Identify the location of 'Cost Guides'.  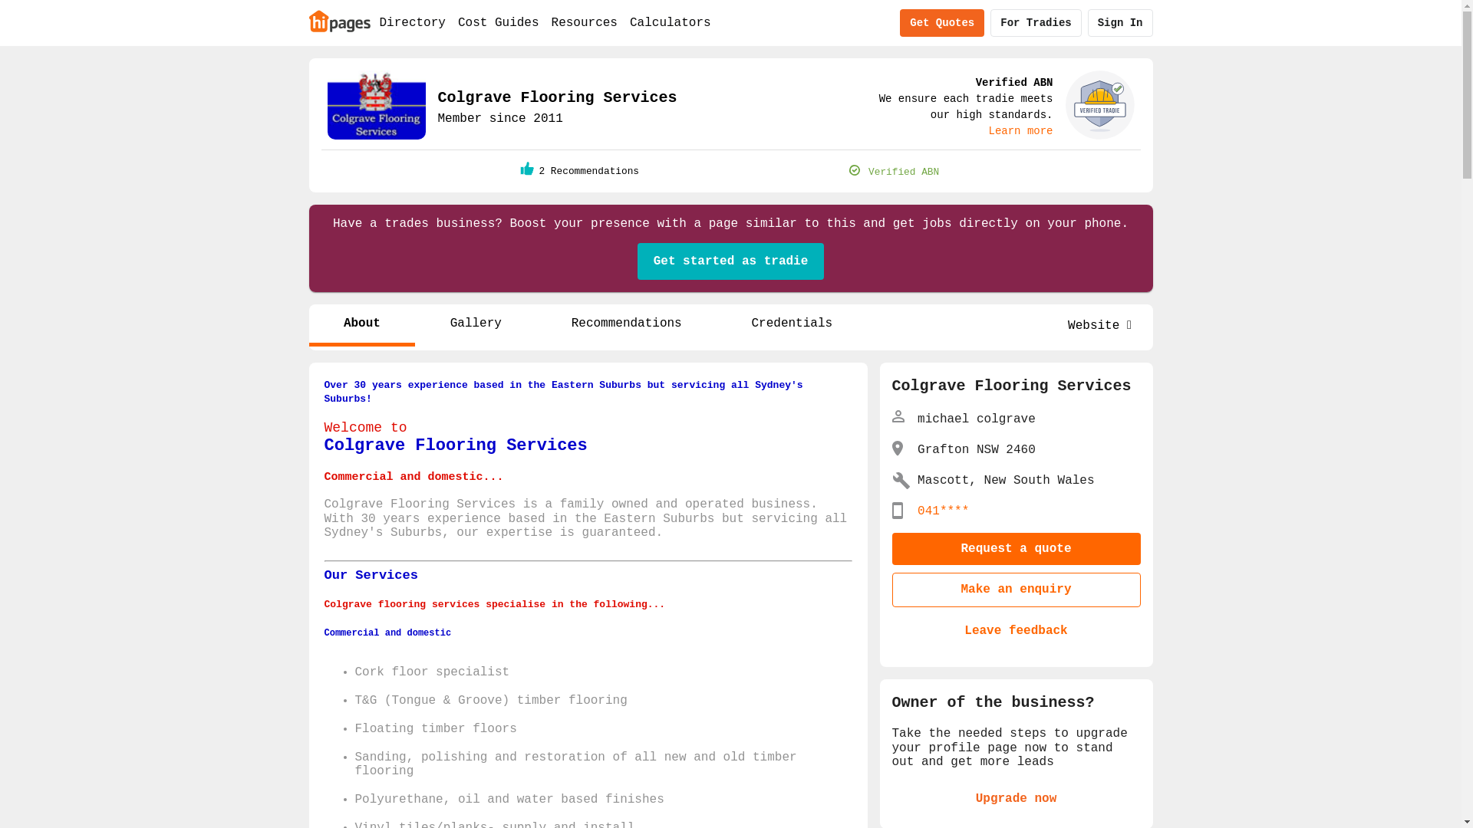
(498, 23).